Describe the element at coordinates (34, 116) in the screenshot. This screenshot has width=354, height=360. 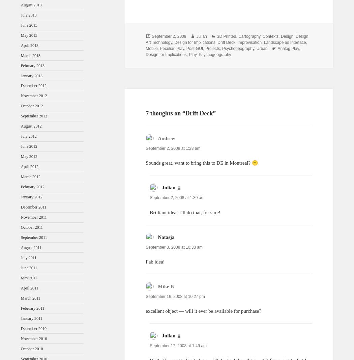
I see `'September 2012'` at that location.